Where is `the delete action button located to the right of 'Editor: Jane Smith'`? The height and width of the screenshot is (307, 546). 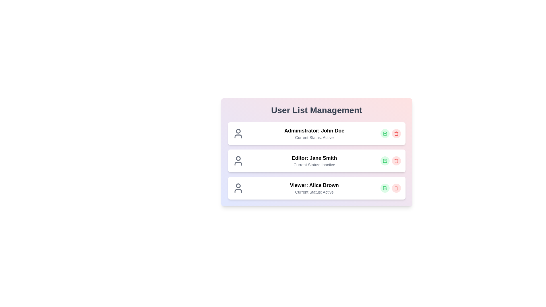
the delete action button located to the right of 'Editor: Jane Smith' is located at coordinates (396, 161).